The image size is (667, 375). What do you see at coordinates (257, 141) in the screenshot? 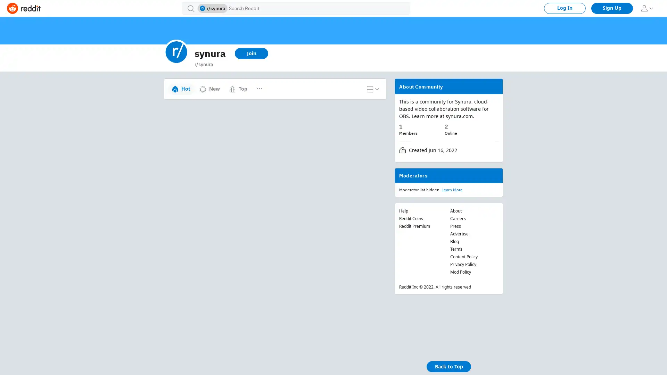
I see `Save` at bounding box center [257, 141].